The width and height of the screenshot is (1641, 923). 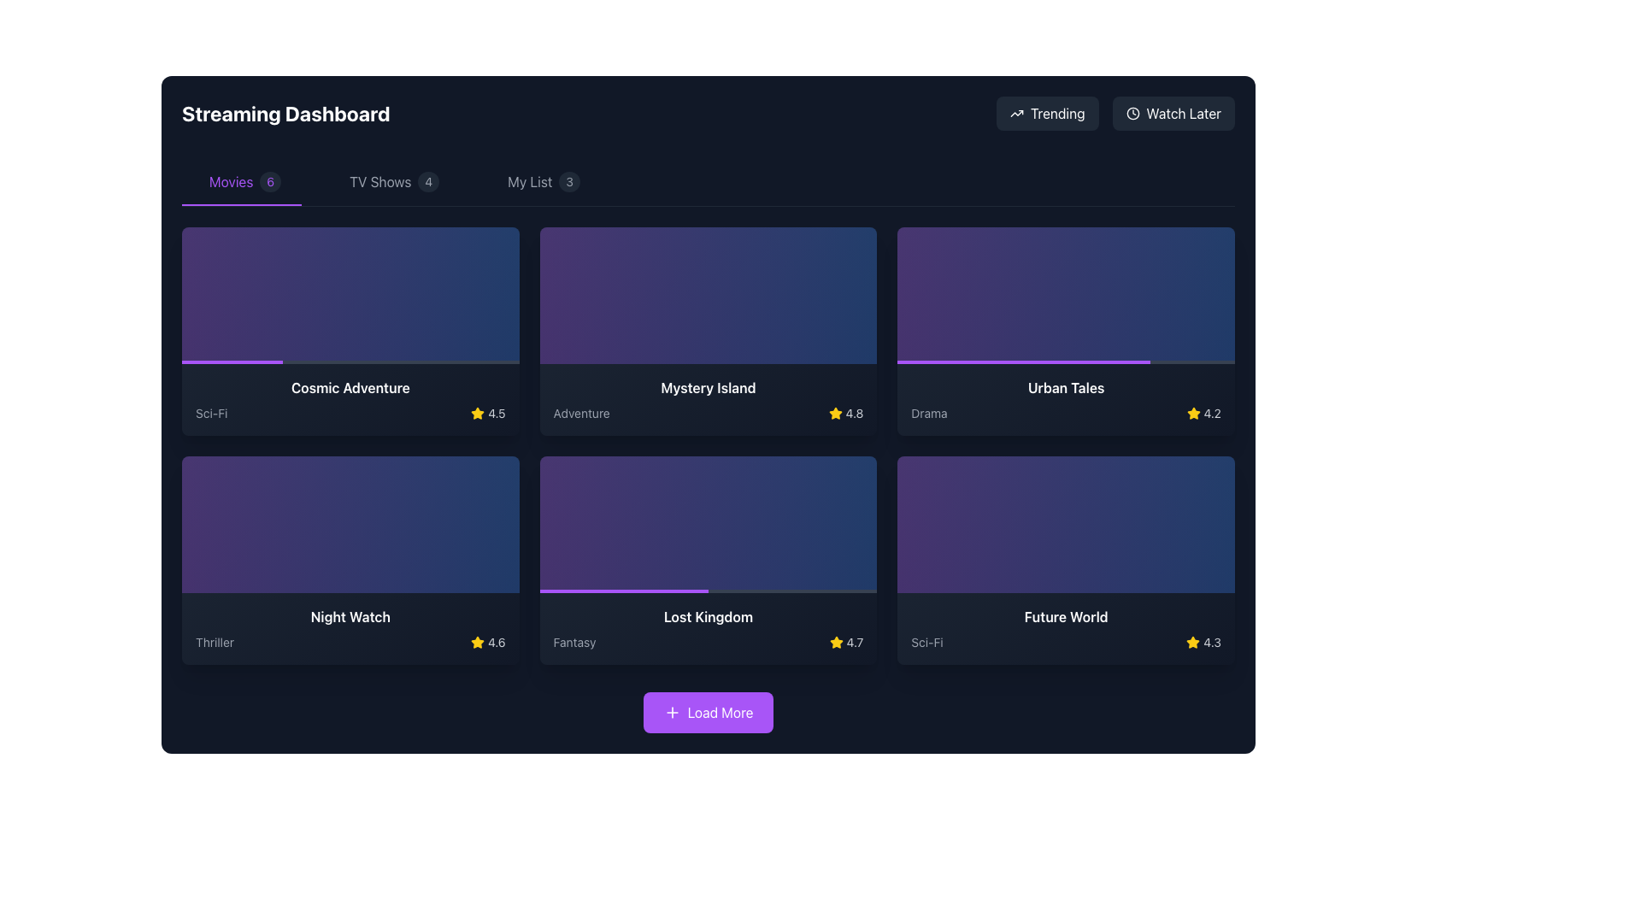 What do you see at coordinates (709, 590) in the screenshot?
I see `the progress bar located at the bottom of the 'Lost Kingdom' card, which has a gray background and a purple filled section indicating progress` at bounding box center [709, 590].